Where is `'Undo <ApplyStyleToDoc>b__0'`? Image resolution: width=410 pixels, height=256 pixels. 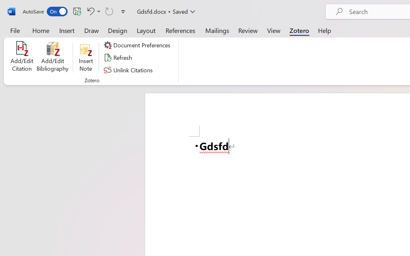
'Undo <ApplyStyleToDoc>b__0' is located at coordinates (93, 11).